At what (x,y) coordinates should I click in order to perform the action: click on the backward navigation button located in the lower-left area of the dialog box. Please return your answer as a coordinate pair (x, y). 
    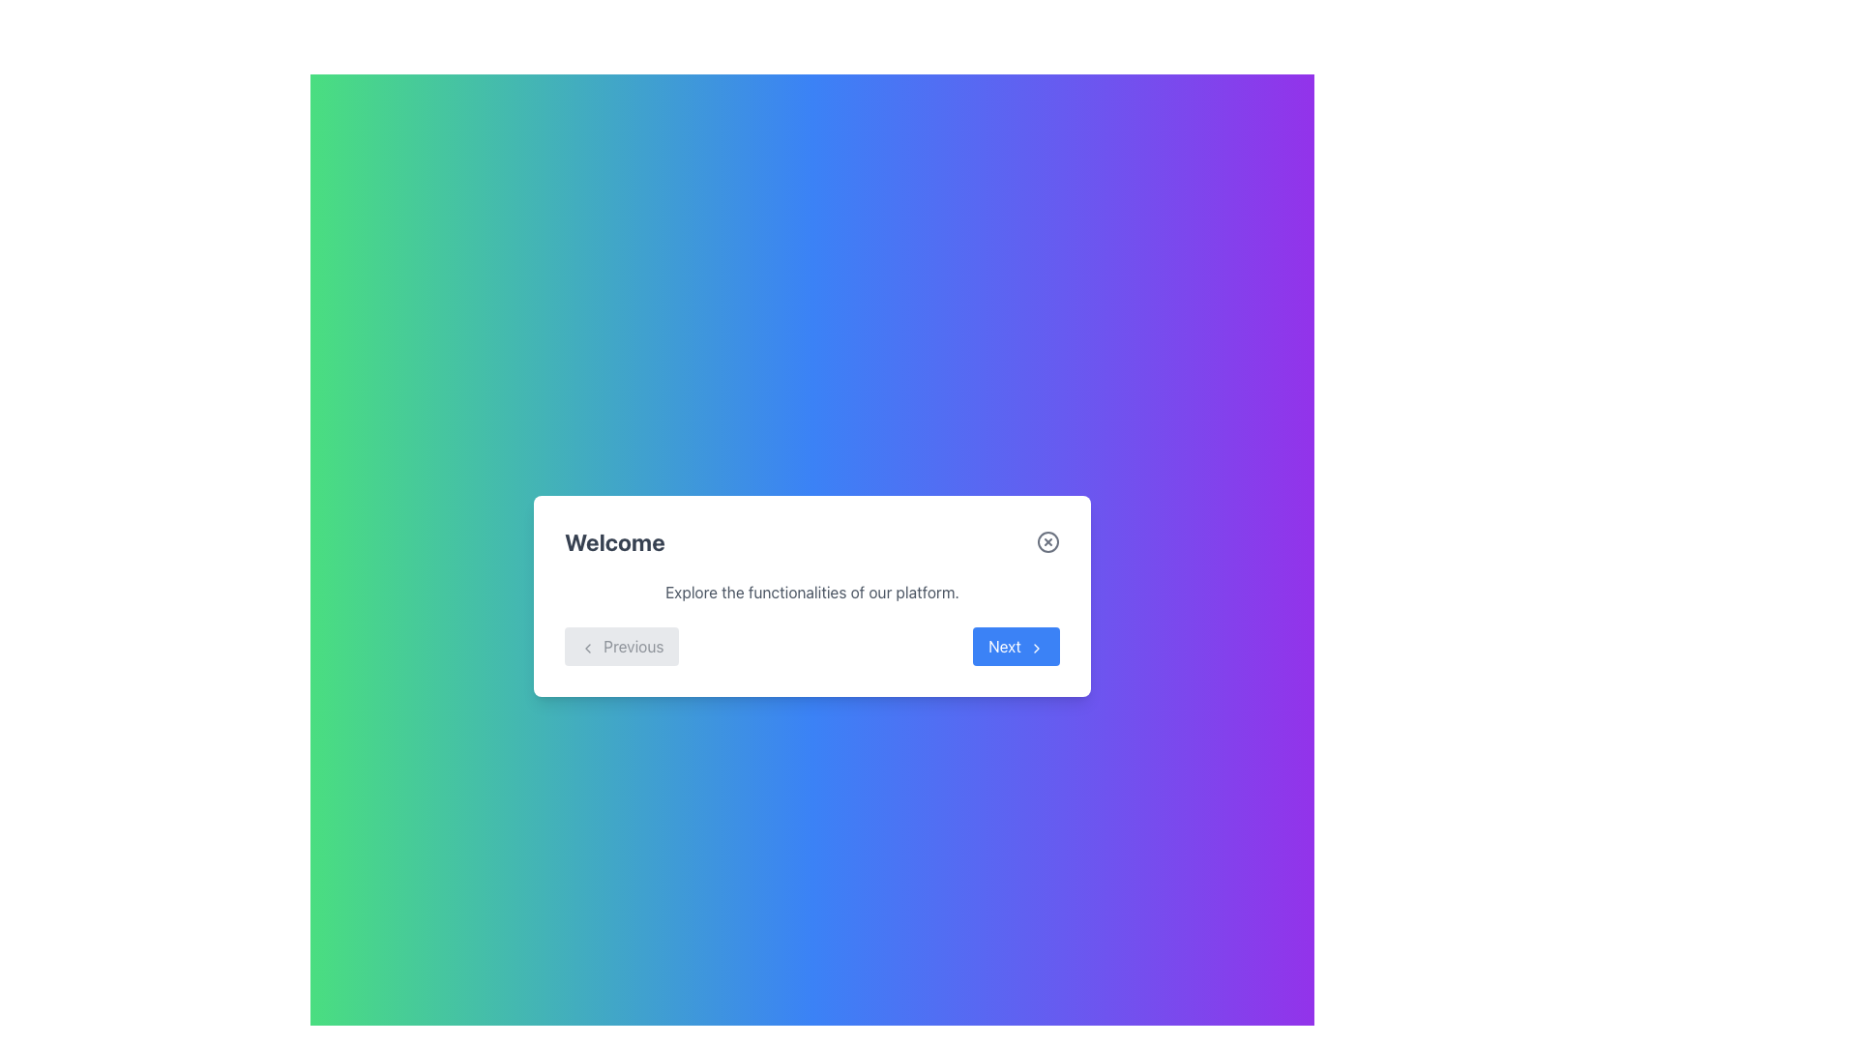
    Looking at the image, I should click on (622, 646).